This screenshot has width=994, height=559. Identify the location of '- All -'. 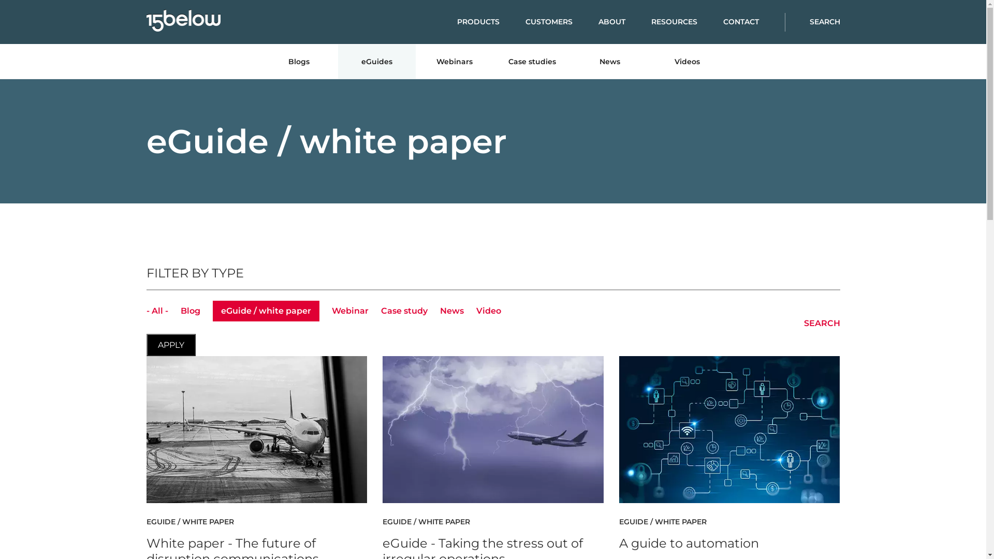
(156, 310).